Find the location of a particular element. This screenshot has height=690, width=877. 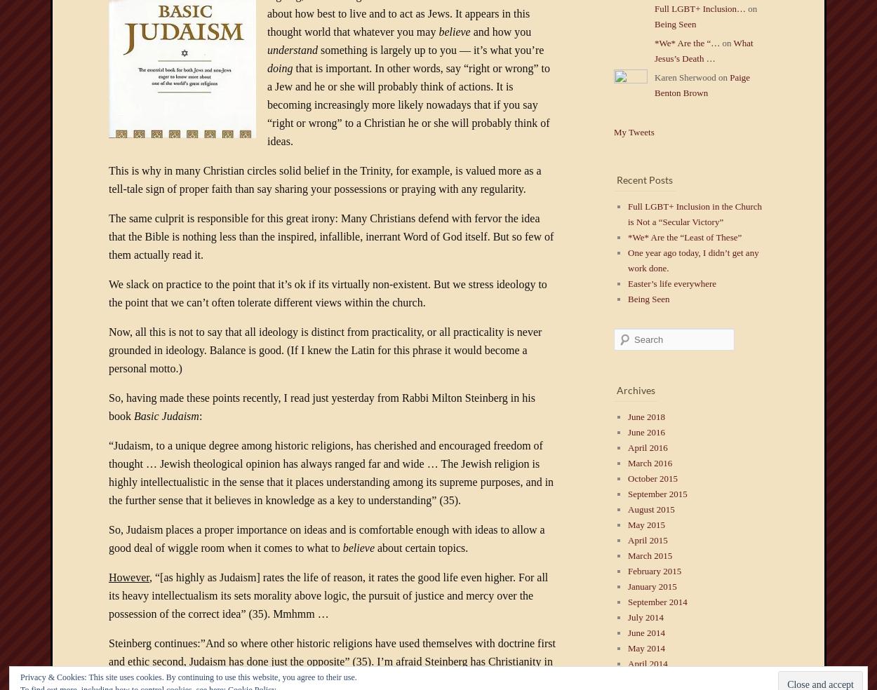

'The same culprit is responsible for this great irony: Many Christians defend with fervor the idea that the Bible is nothing less than the inspired, infallible, inerrant Word of God itself. But so few of them actually read it.' is located at coordinates (330, 236).